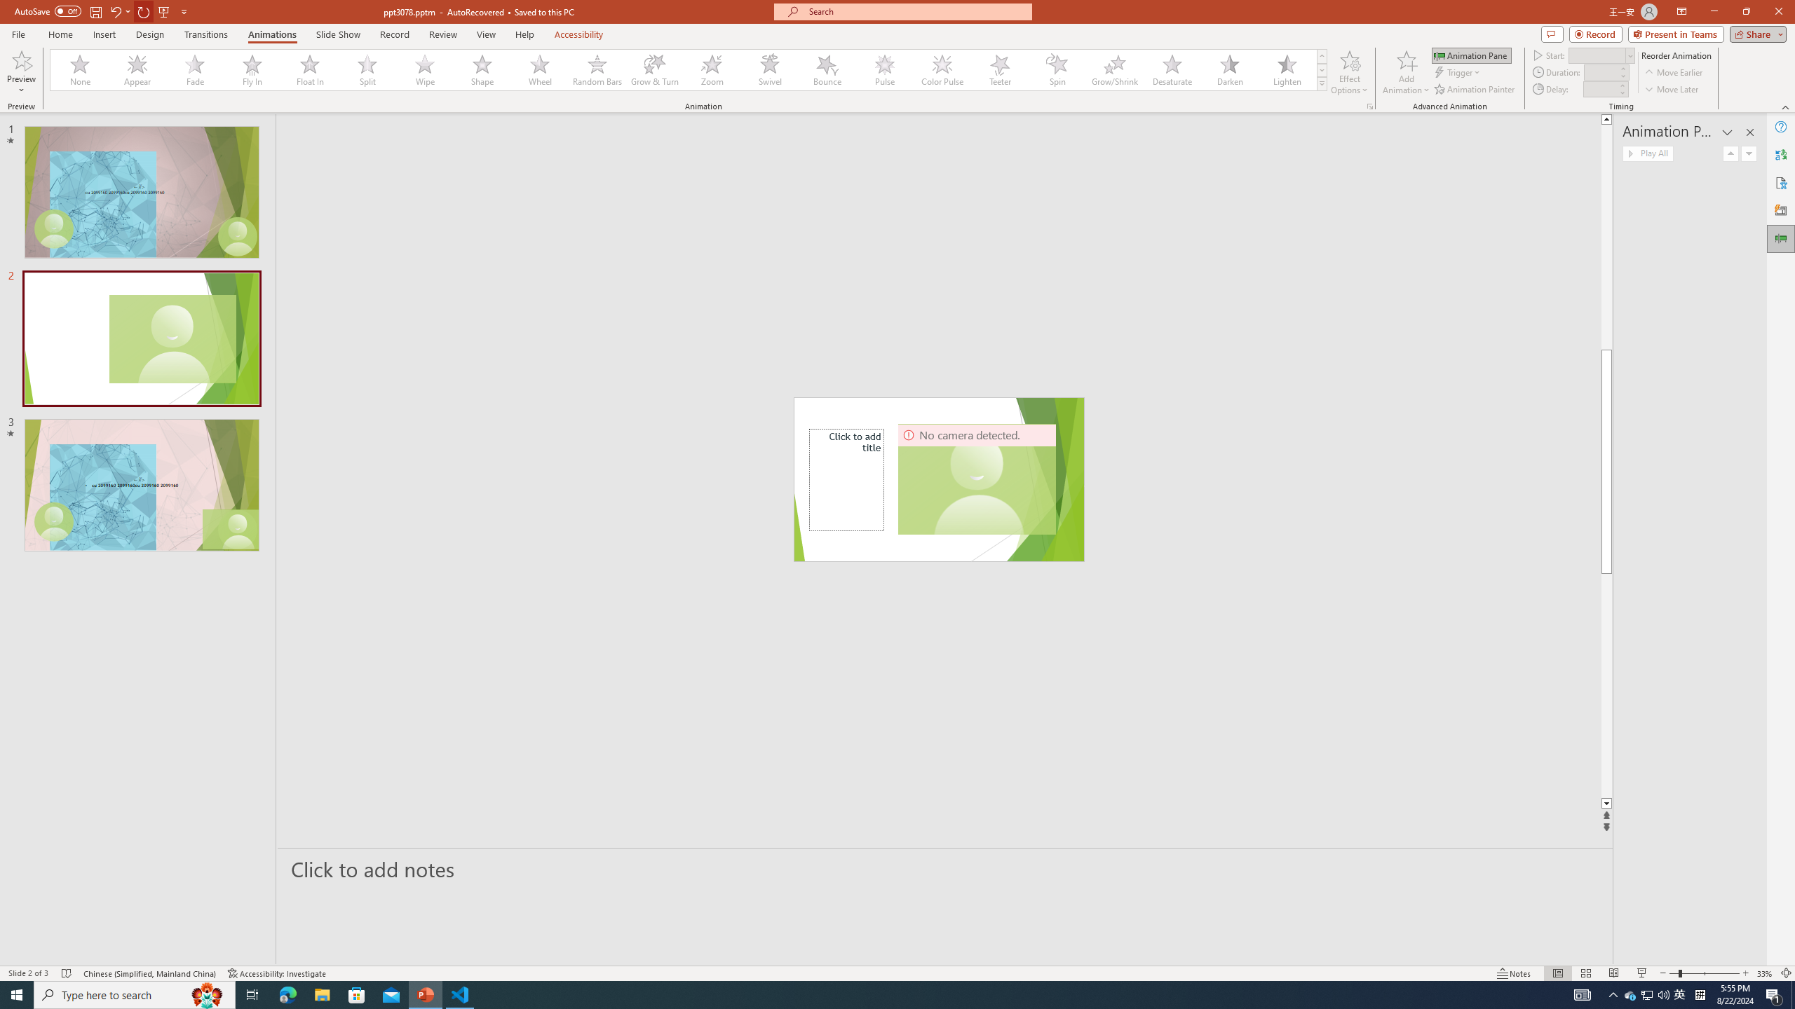  What do you see at coordinates (1600, 71) in the screenshot?
I see `'Animation Duration'` at bounding box center [1600, 71].